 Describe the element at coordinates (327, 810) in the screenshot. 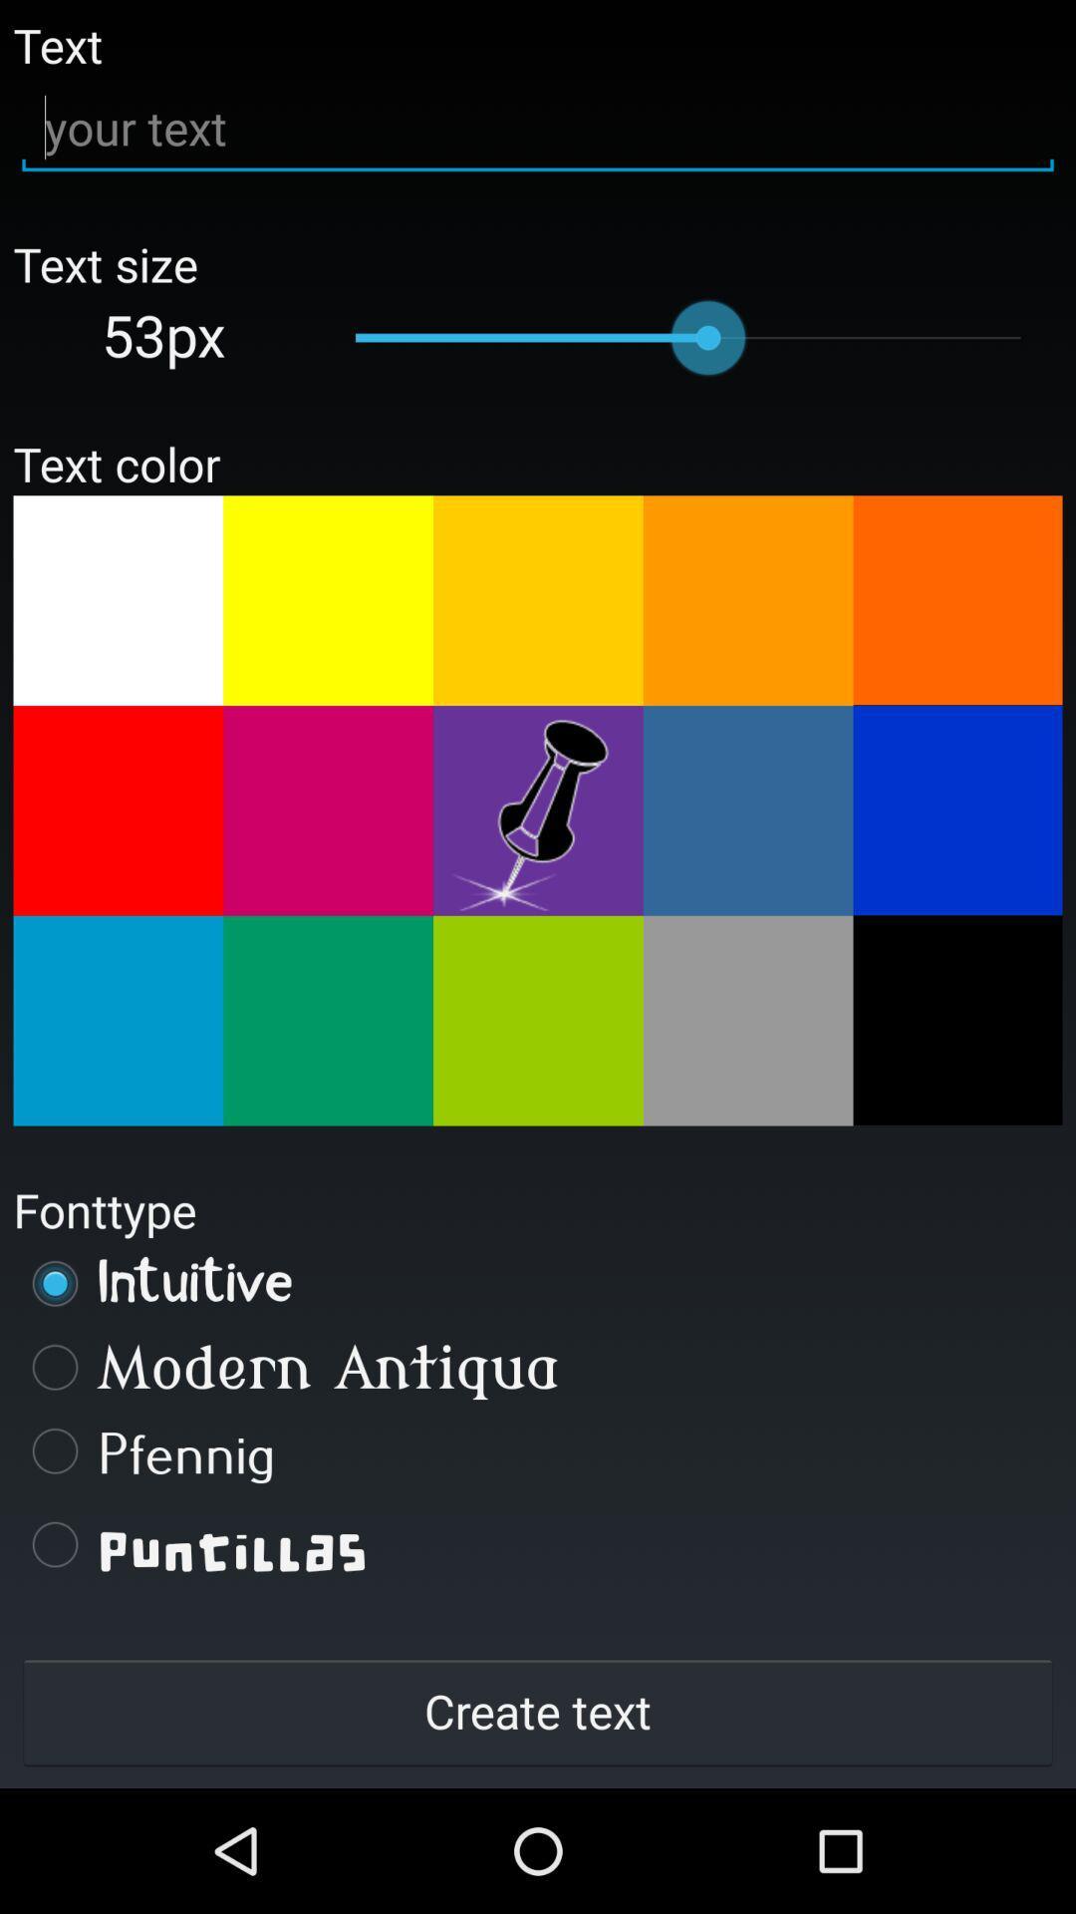

I see `choose text color` at that location.